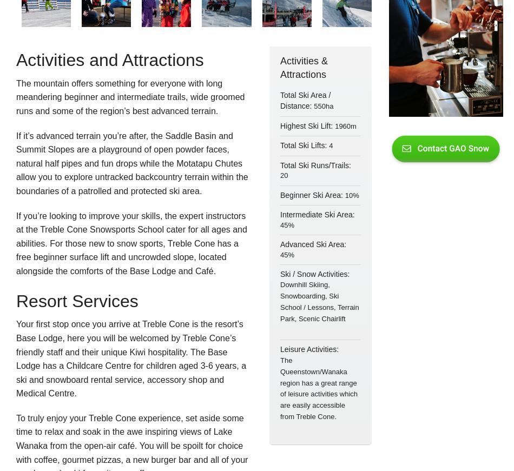 This screenshot has width=514, height=471. Describe the element at coordinates (315, 164) in the screenshot. I see `'Total Ski Runs/Trails:'` at that location.